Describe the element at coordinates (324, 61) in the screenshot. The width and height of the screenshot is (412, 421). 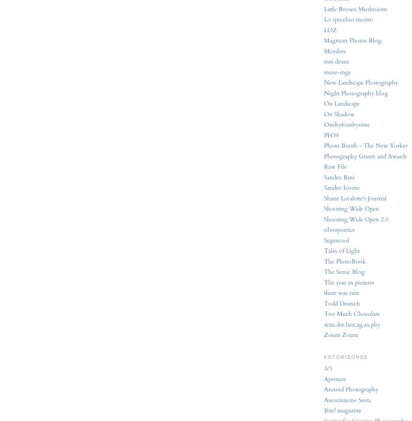
I see `'mrs deane'` at that location.